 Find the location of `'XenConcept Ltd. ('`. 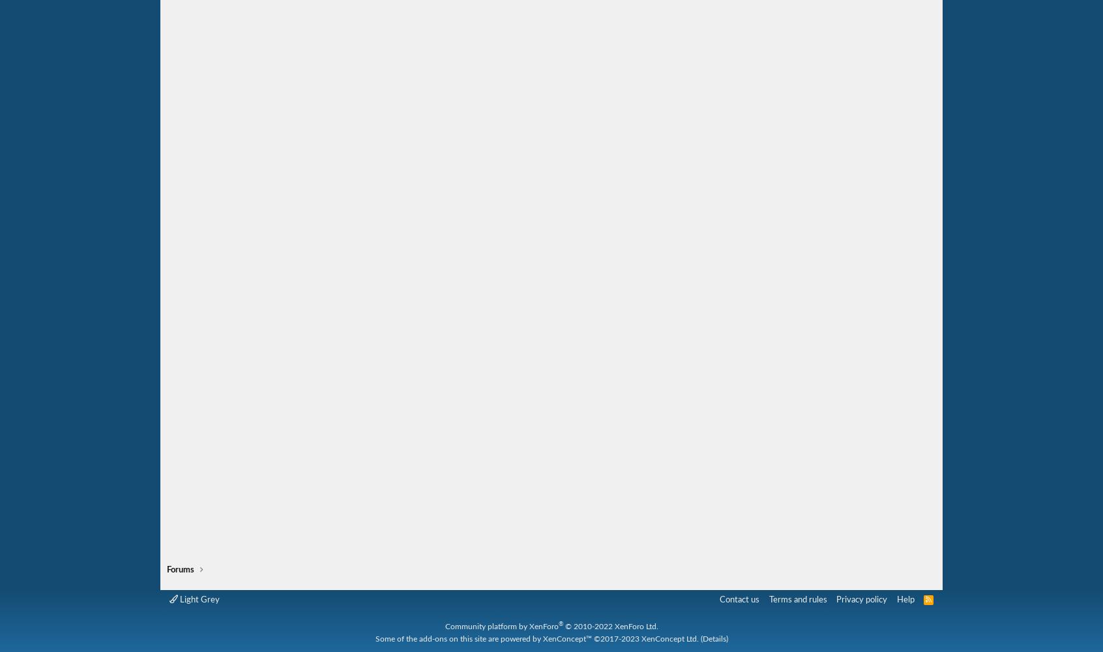

'XenConcept Ltd. (' is located at coordinates (670, 638).